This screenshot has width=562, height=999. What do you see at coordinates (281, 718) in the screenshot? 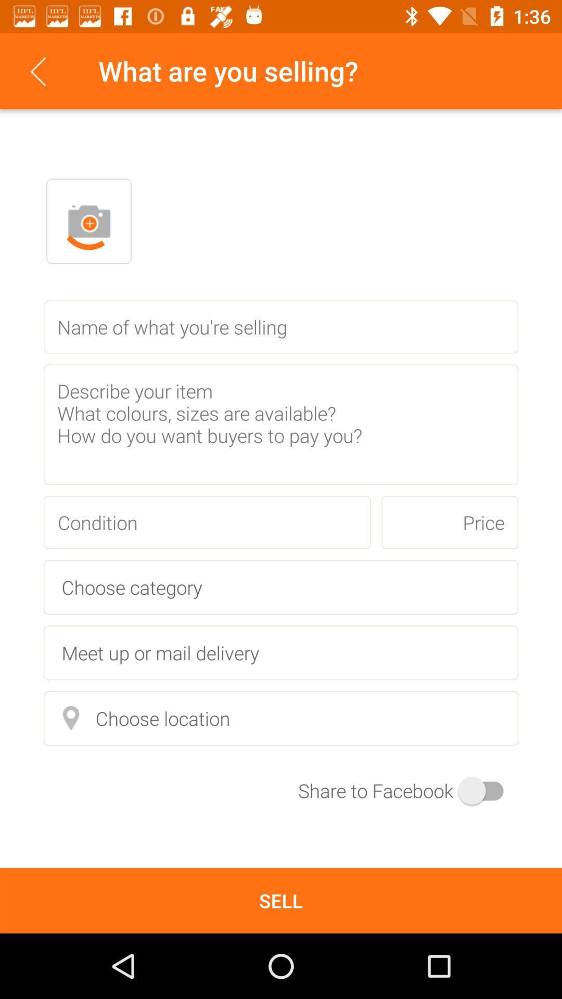
I see `choose location` at bounding box center [281, 718].